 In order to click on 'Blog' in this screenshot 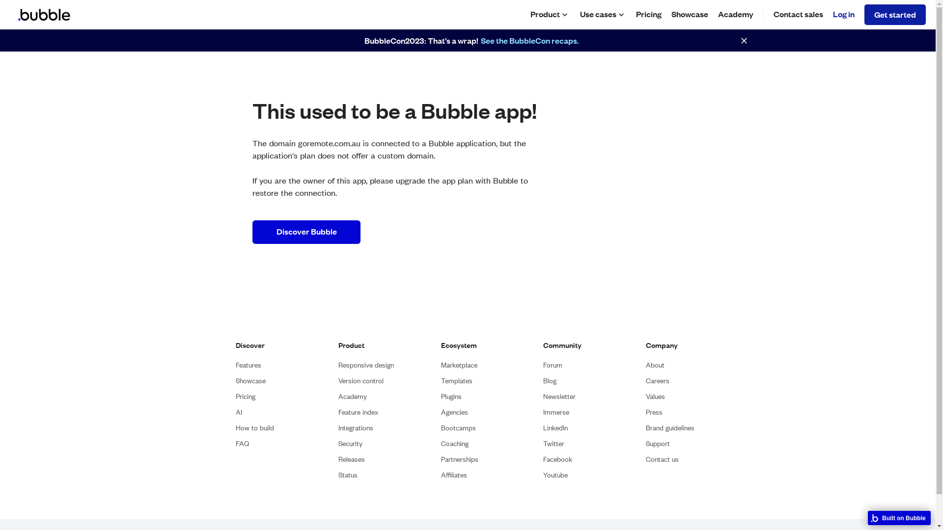, I will do `click(549, 380)`.